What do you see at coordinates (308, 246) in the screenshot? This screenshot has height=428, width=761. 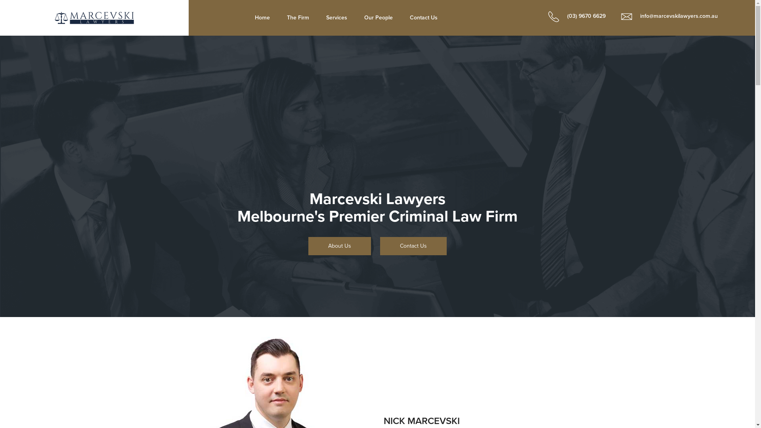 I see `'About Us'` at bounding box center [308, 246].